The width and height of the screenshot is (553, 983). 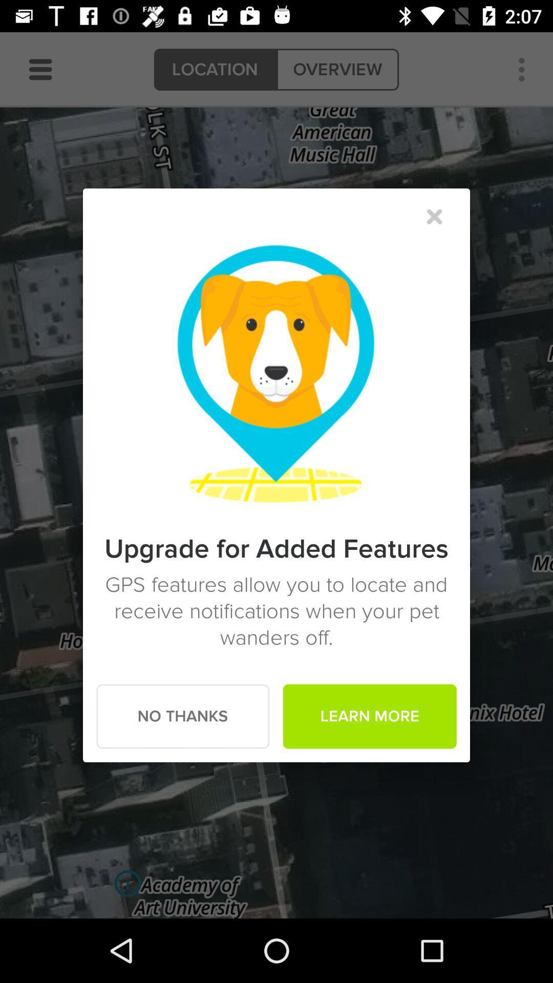 What do you see at coordinates (434, 216) in the screenshot?
I see `popup` at bounding box center [434, 216].